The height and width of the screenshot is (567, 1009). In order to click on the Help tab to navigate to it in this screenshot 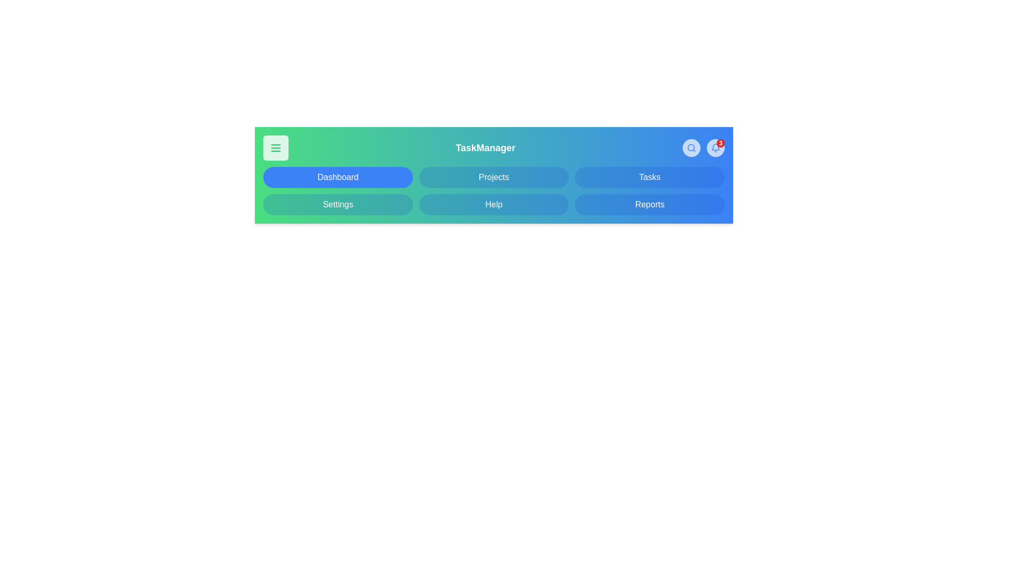, I will do `click(493, 204)`.